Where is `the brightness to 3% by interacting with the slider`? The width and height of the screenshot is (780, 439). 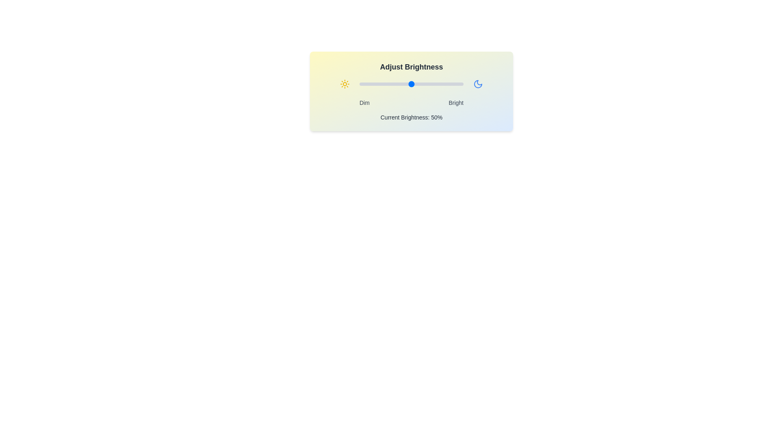 the brightness to 3% by interacting with the slider is located at coordinates (362, 84).